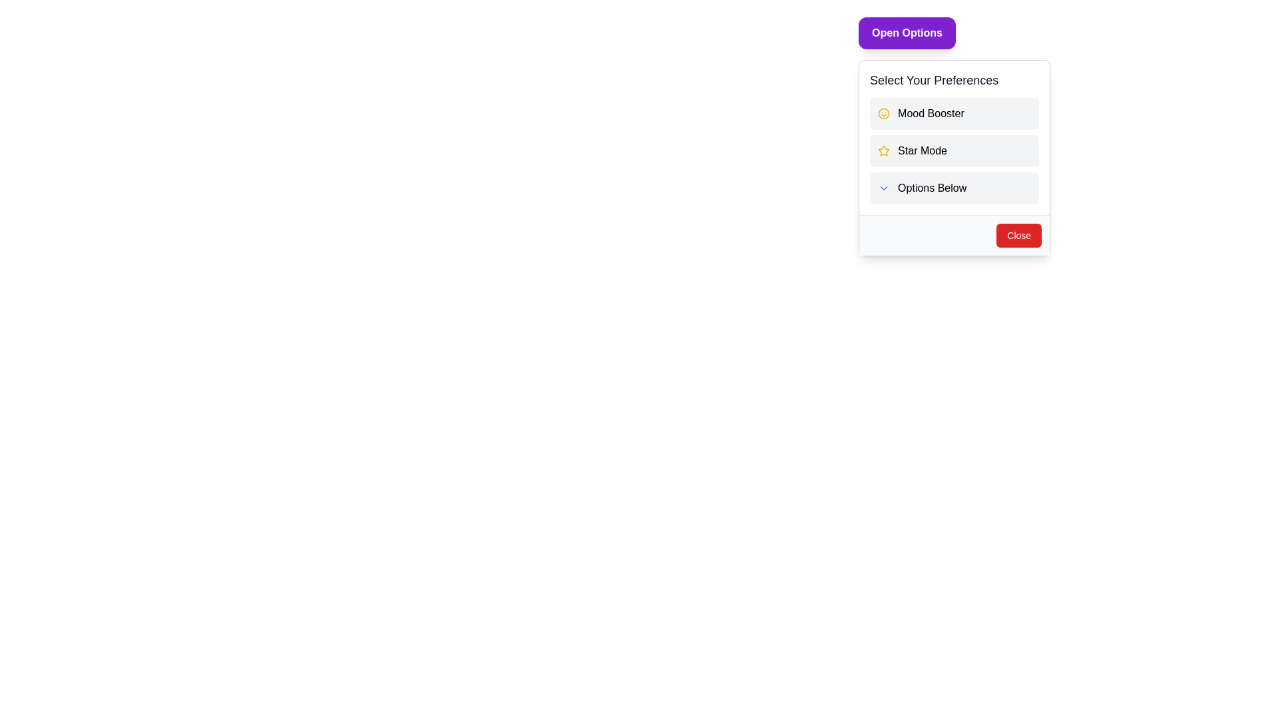  Describe the element at coordinates (954, 113) in the screenshot. I see `the 'Mood Booster' button, which is a light gray button with dark text and a yellow smiling face icon, located directly below the 'Select Your Preferences' heading` at that location.